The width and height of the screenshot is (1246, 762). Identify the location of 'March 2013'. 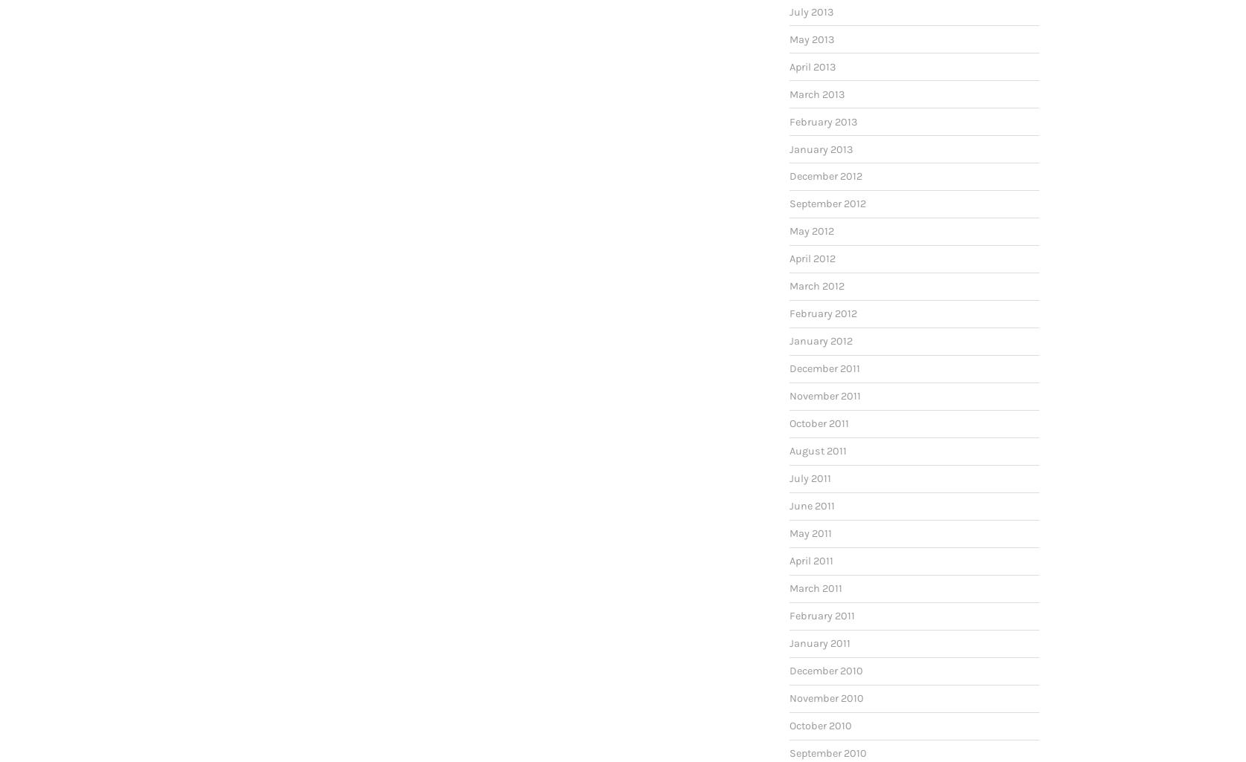
(816, 94).